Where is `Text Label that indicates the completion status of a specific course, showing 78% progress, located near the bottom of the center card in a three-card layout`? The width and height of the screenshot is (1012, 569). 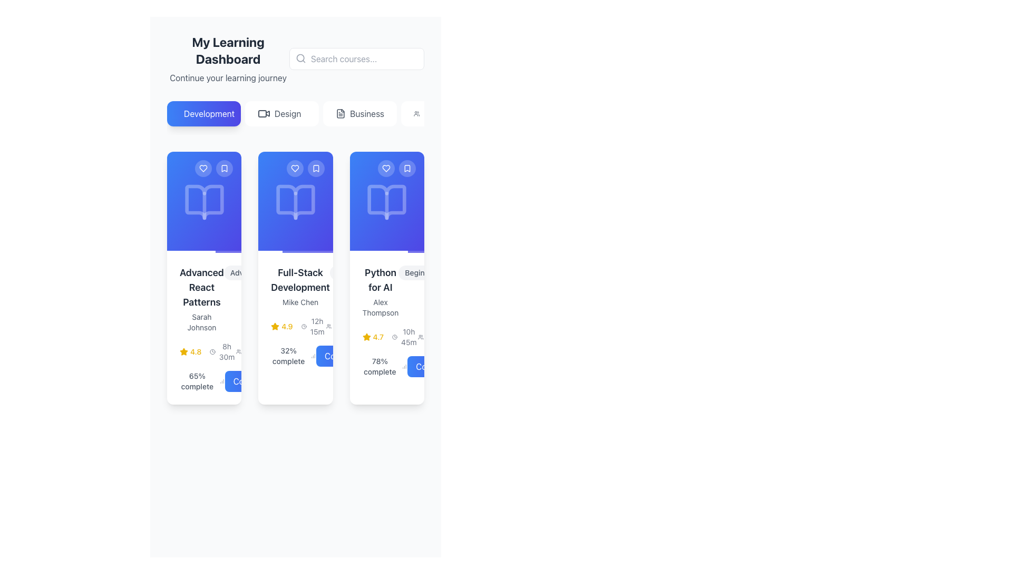
Text Label that indicates the completion status of a specific course, showing 78% progress, located near the bottom of the center card in a three-card layout is located at coordinates (379, 366).